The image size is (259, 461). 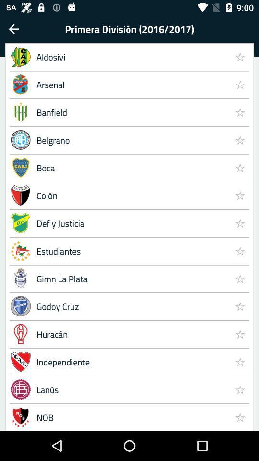 I want to click on the item to the right of the banfield item, so click(x=239, y=139).